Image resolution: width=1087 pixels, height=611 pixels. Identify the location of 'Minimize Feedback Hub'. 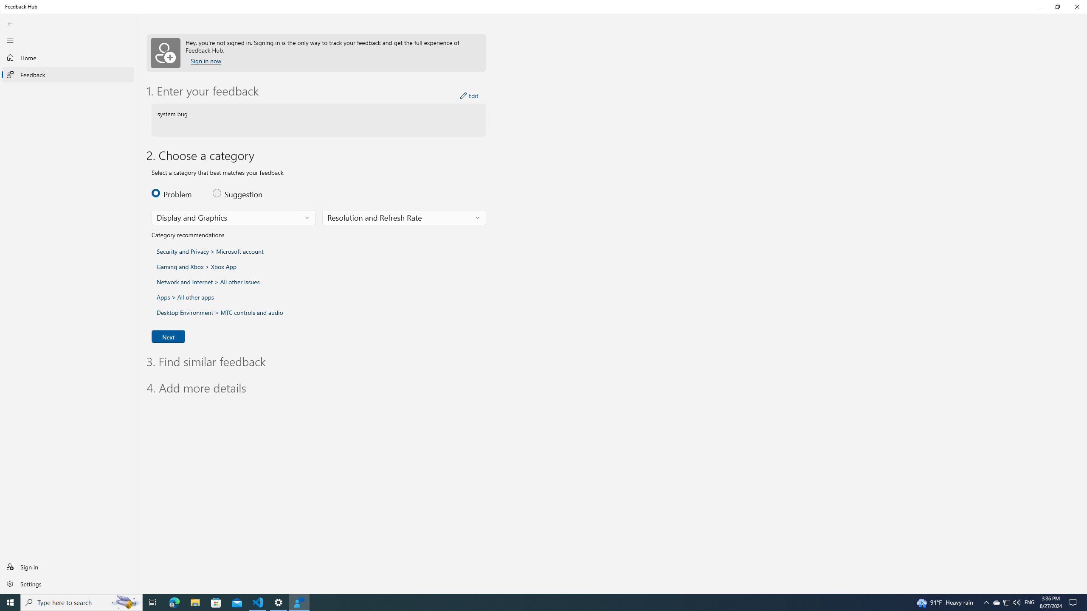
(1037, 6).